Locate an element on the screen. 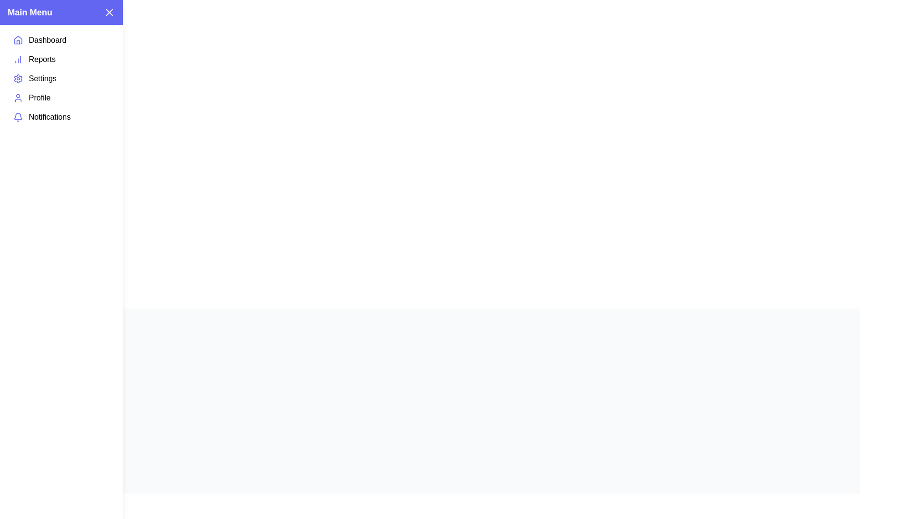 The height and width of the screenshot is (519, 922). the house icon with a bold outline and a triangular roof, located to the left of the text 'Dashboard' in the menu is located at coordinates (18, 39).